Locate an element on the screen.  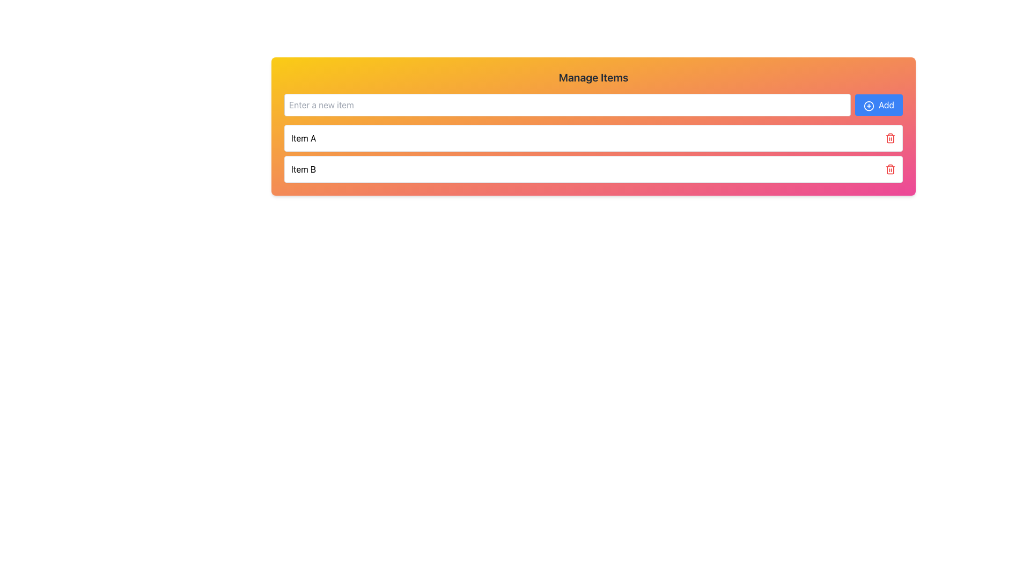
the delete icon button located at the far right end of the first list item labeled 'Item A' is located at coordinates (891, 138).